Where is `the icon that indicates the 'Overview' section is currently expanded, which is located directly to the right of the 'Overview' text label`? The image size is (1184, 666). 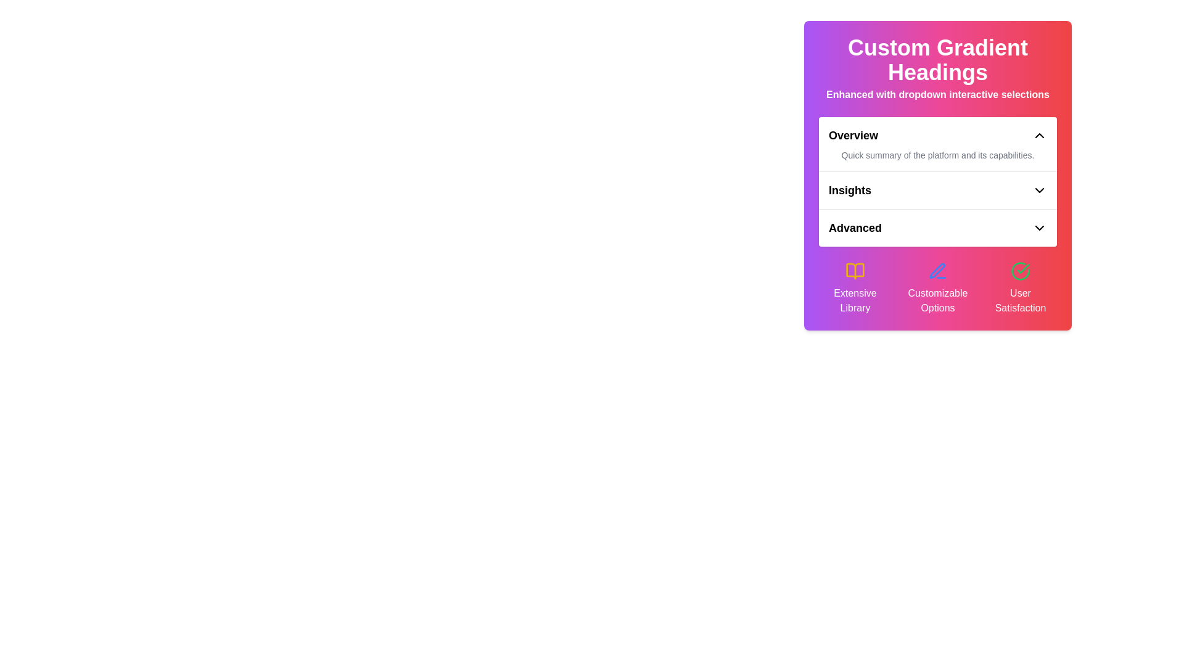 the icon that indicates the 'Overview' section is currently expanded, which is located directly to the right of the 'Overview' text label is located at coordinates (1038, 135).